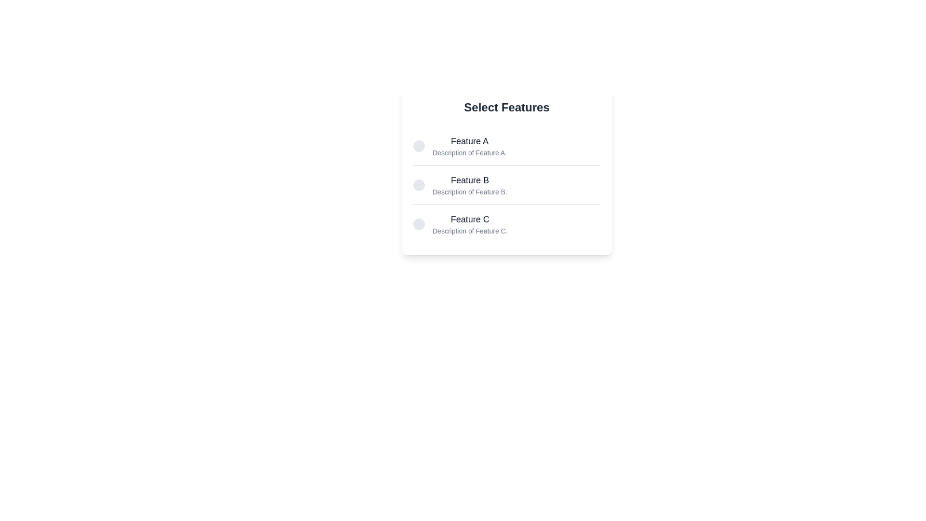 The width and height of the screenshot is (926, 521). I want to click on the second Text label in the list, which displays the name and description of a feature, positioned between 'Feature A' and 'Feature C', so click(470, 185).